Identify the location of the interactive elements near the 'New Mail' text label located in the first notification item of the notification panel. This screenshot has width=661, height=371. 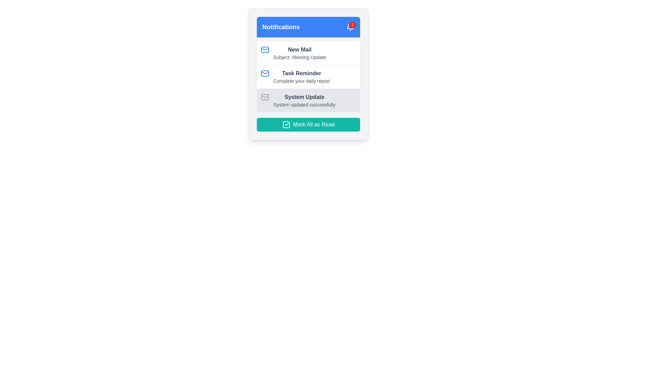
(300, 49).